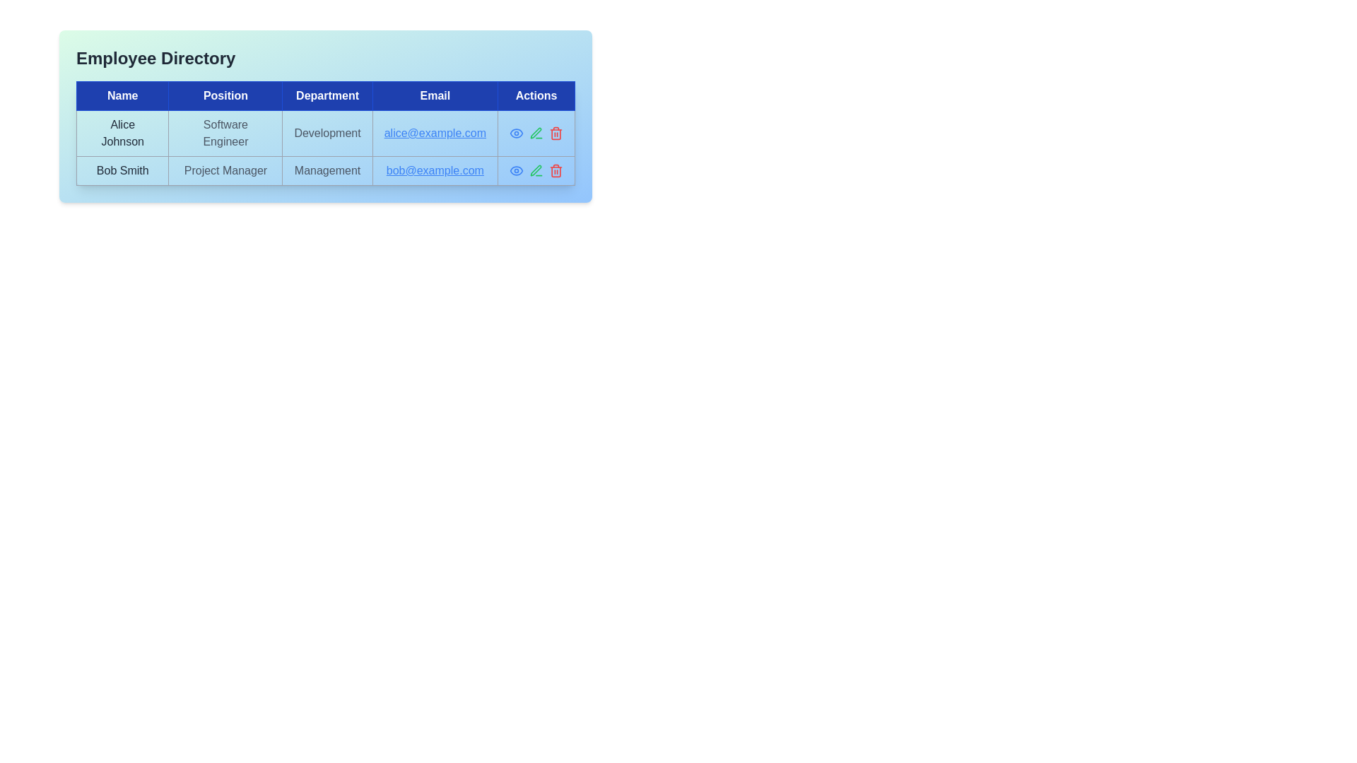  What do you see at coordinates (515, 134) in the screenshot?
I see `the vibrant blue circular 'eye' icon in the 'Actions' column of the second row` at bounding box center [515, 134].